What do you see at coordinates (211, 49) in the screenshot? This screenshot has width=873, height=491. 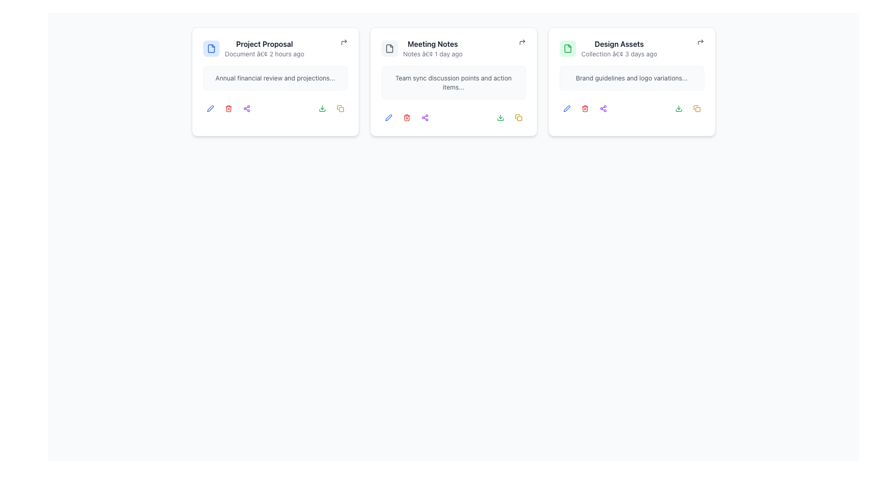 I see `the icon located at the top-left corner of the 'Project Proposal' card, which visually indicates a document-related item` at bounding box center [211, 49].